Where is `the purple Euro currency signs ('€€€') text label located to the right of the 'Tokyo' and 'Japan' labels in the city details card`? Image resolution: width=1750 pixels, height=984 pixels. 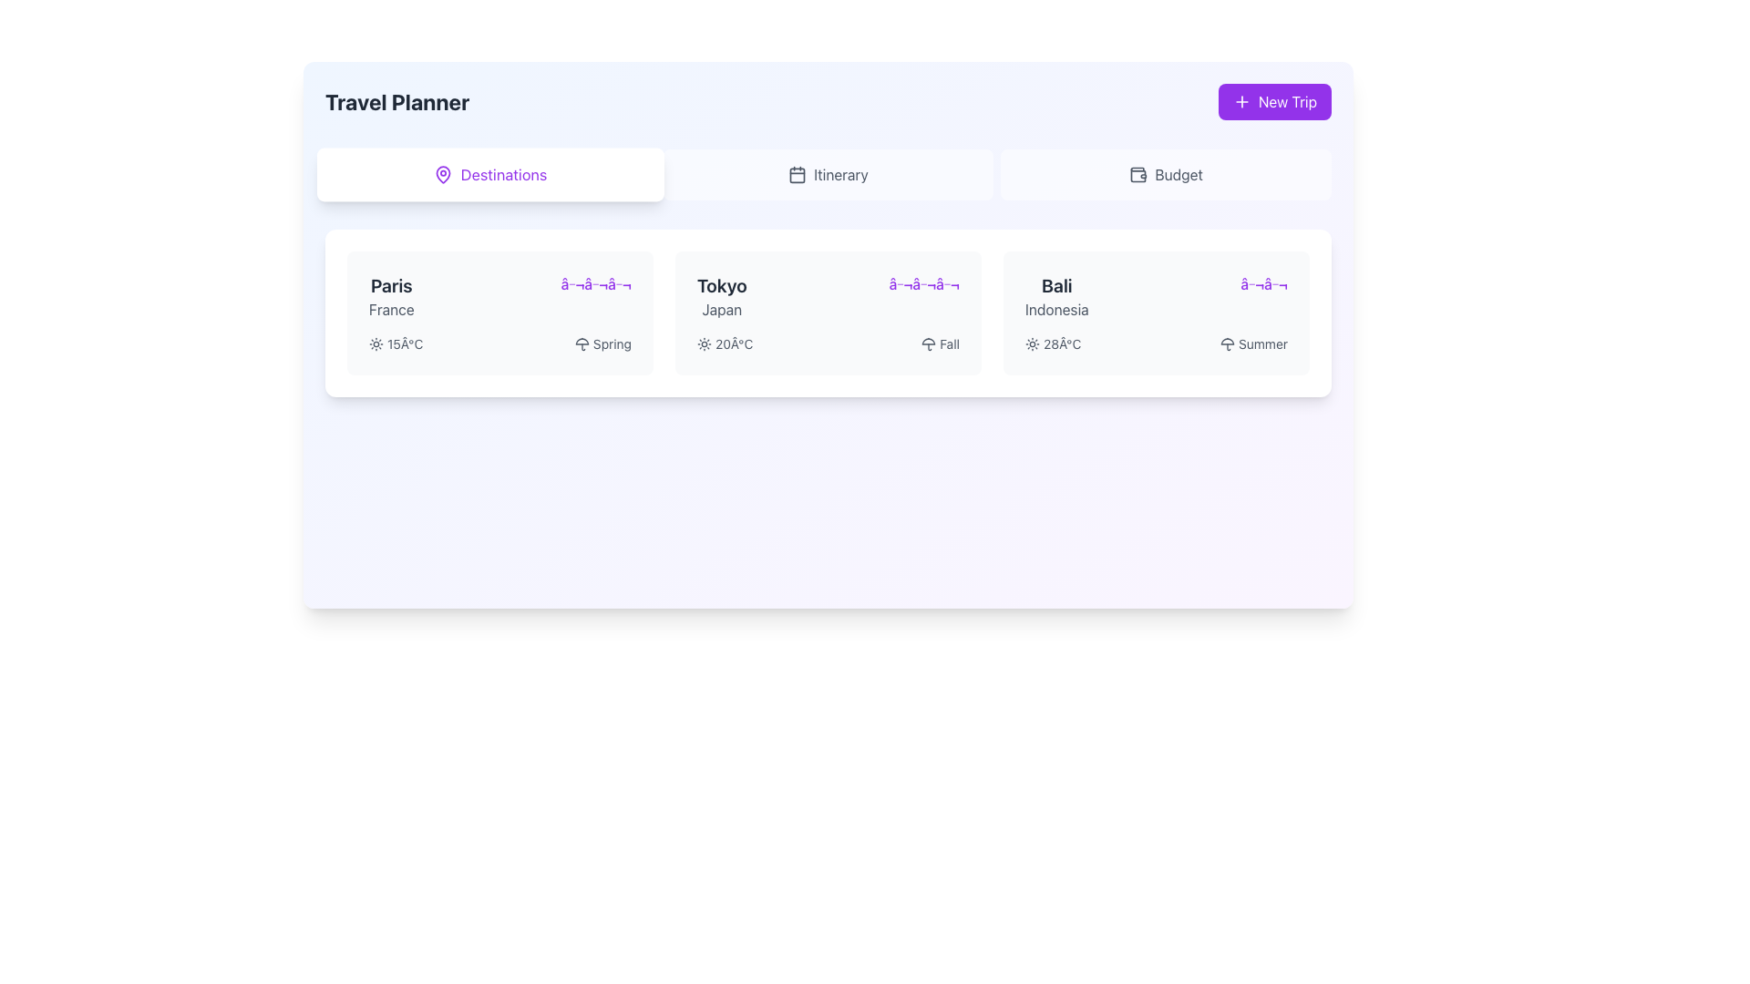 the purple Euro currency signs ('€€€') text label located to the right of the 'Tokyo' and 'Japan' labels in the city details card is located at coordinates (924, 284).